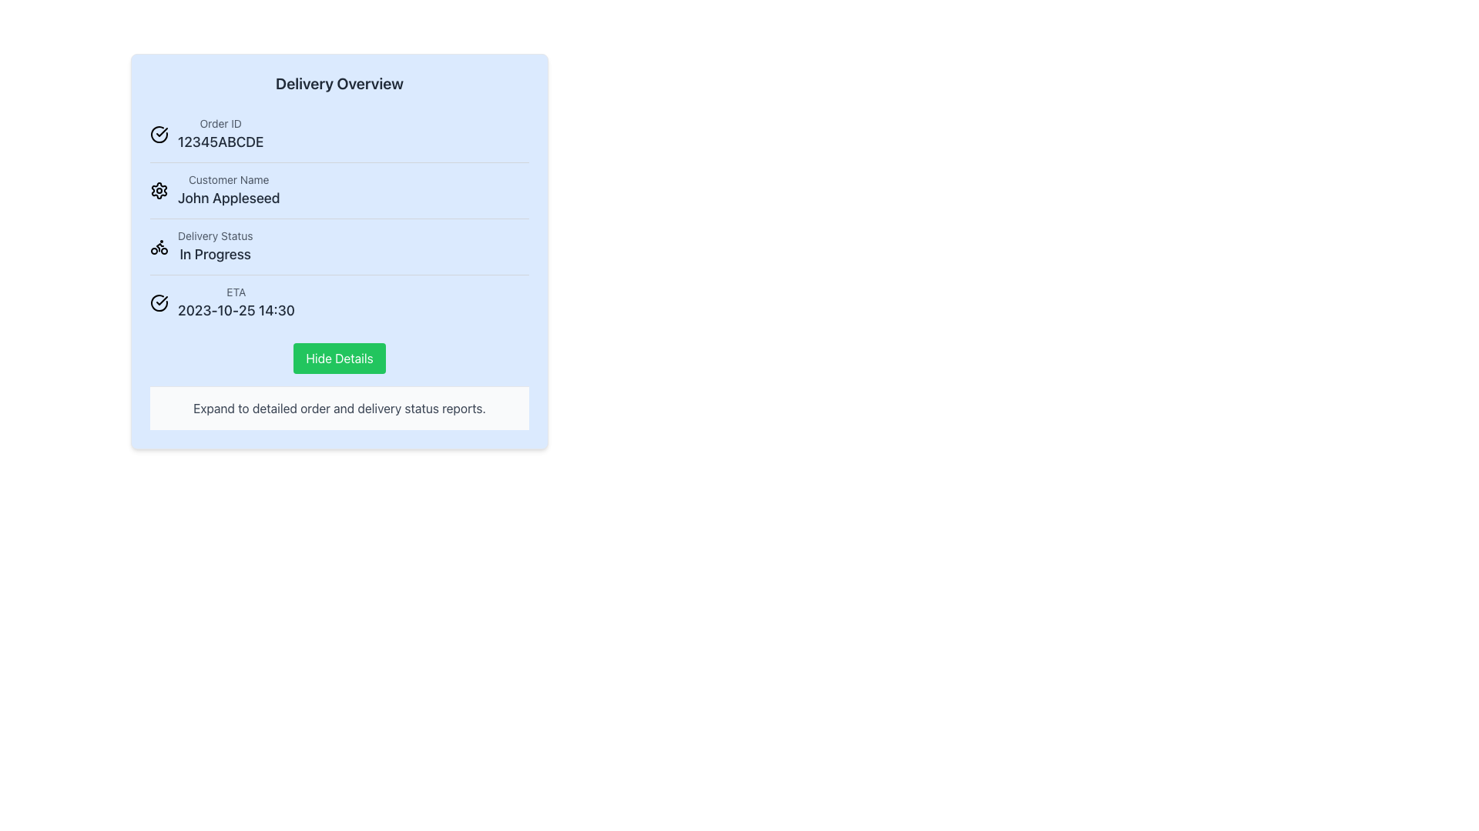 This screenshot has width=1479, height=831. I want to click on the 'Order ID' label text, which is displayed in a small, gray font aligned to the left, positioned above the order ID value '12345ABCDE' within the delivery information card, so click(220, 123).